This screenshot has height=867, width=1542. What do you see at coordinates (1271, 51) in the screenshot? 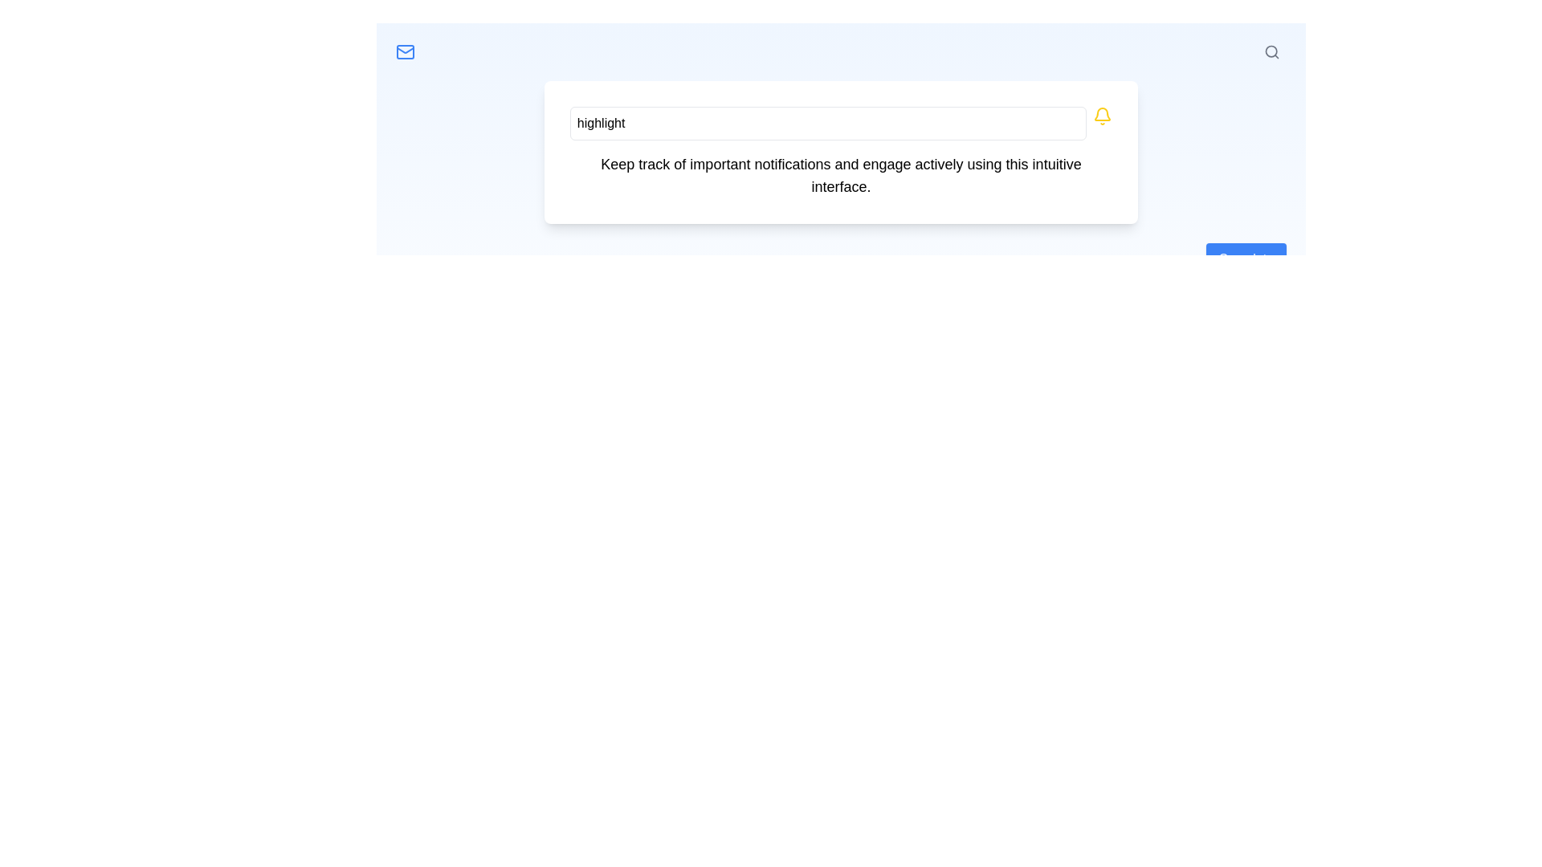
I see `the magnifying glass icon located at the top-right of the header bar` at bounding box center [1271, 51].